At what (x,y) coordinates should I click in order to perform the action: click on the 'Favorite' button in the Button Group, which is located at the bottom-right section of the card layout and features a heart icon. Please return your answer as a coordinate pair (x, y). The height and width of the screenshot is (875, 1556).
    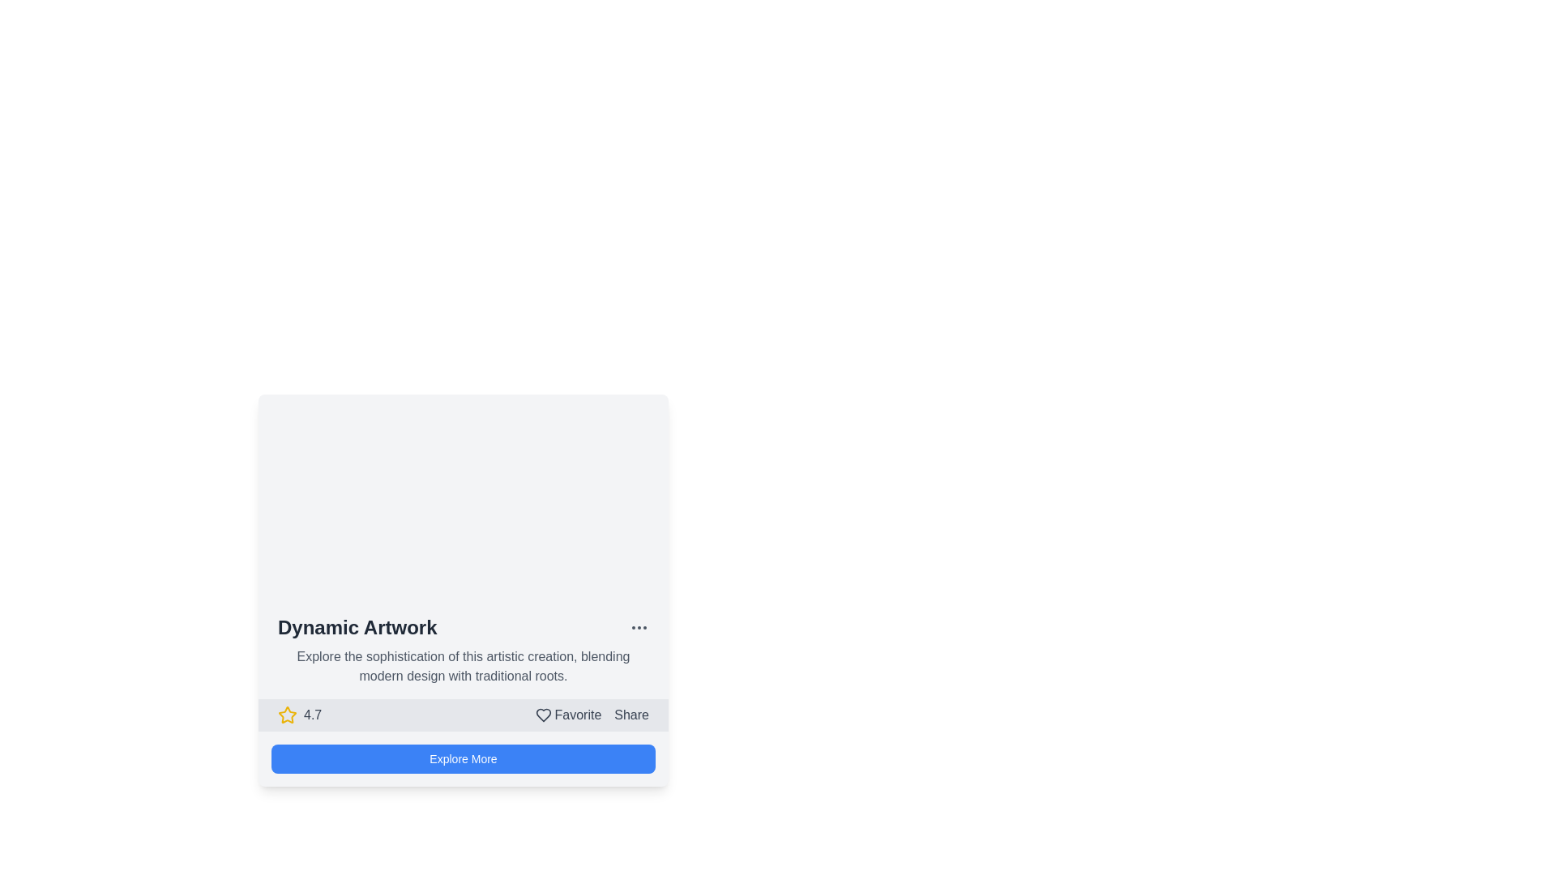
    Looking at the image, I should click on (591, 715).